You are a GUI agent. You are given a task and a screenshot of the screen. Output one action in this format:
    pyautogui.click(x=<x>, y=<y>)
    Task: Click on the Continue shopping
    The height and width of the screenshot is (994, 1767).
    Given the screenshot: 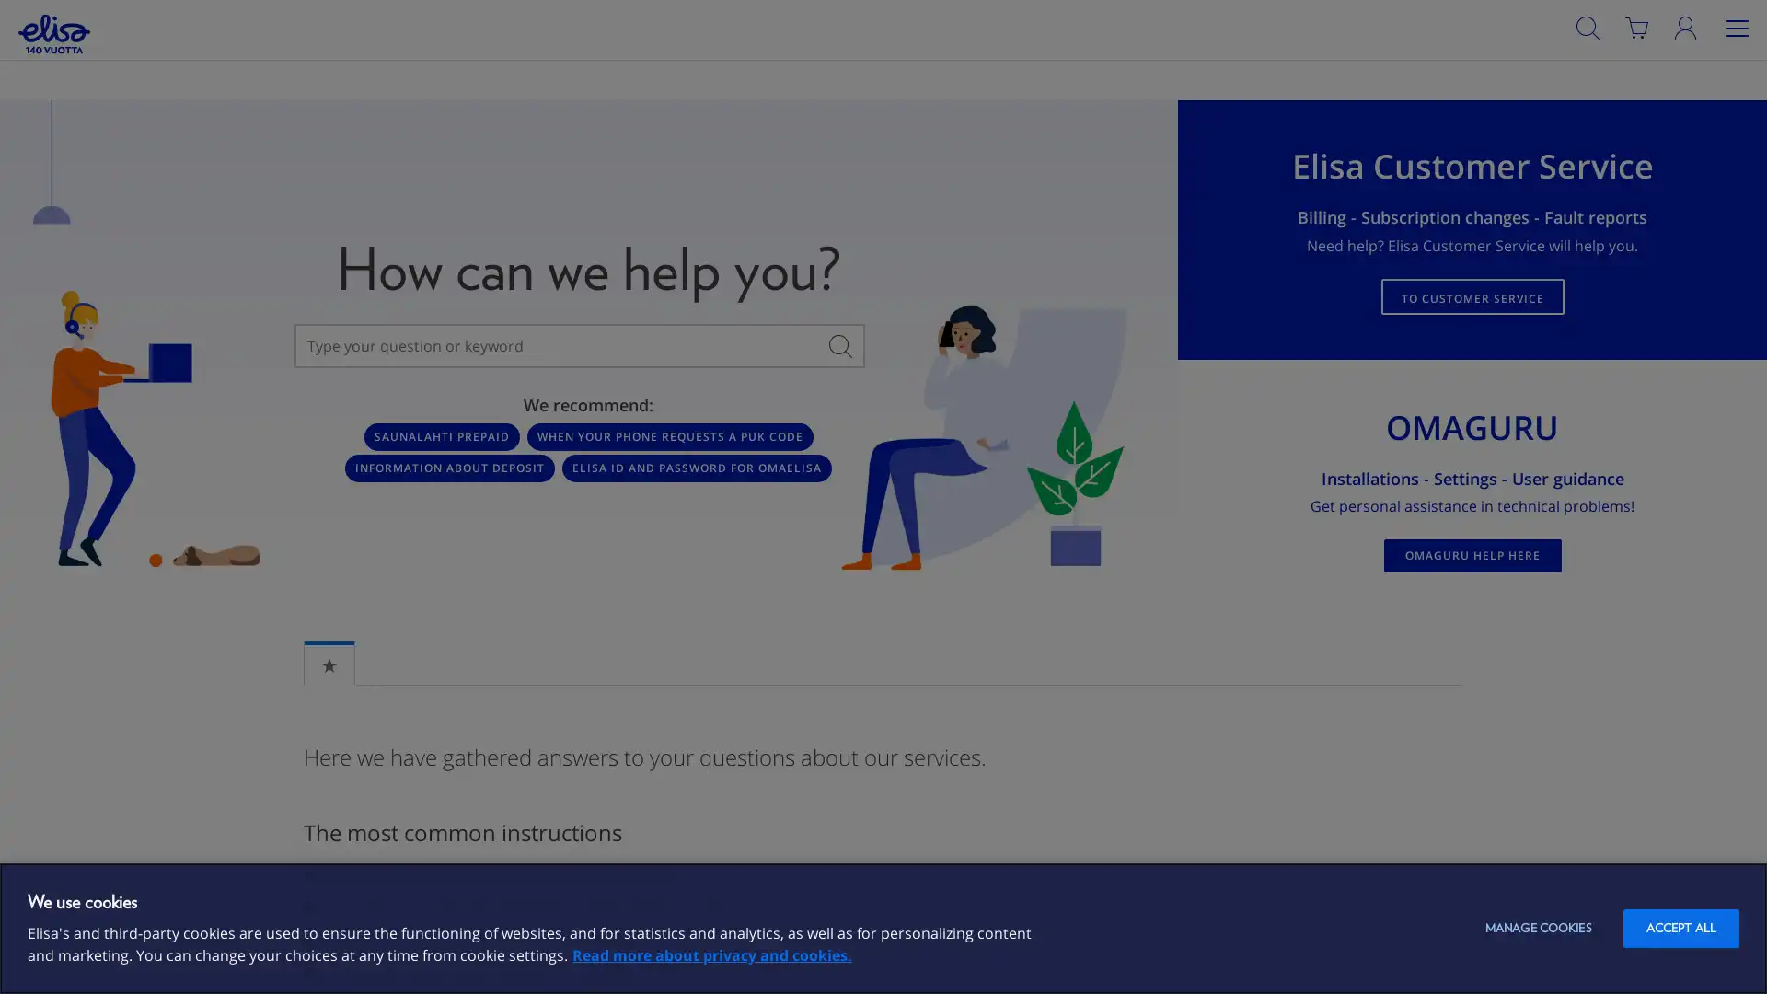 What is the action you would take?
    pyautogui.click(x=486, y=207)
    